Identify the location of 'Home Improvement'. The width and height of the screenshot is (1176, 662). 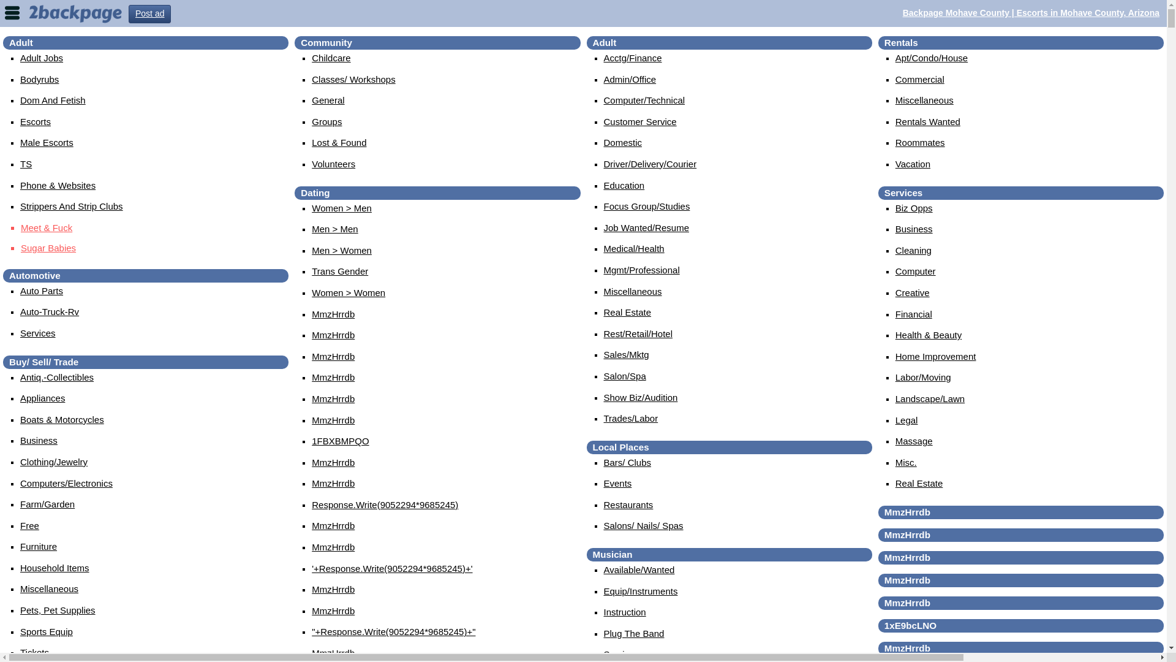
(935, 356).